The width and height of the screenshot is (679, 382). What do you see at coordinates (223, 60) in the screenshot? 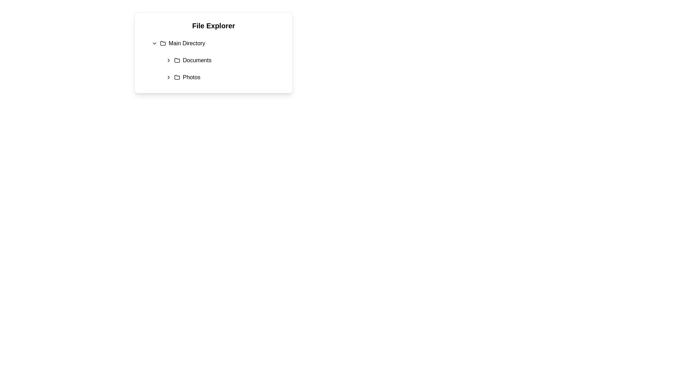
I see `the first navigational item representing the 'Documents' directory` at bounding box center [223, 60].